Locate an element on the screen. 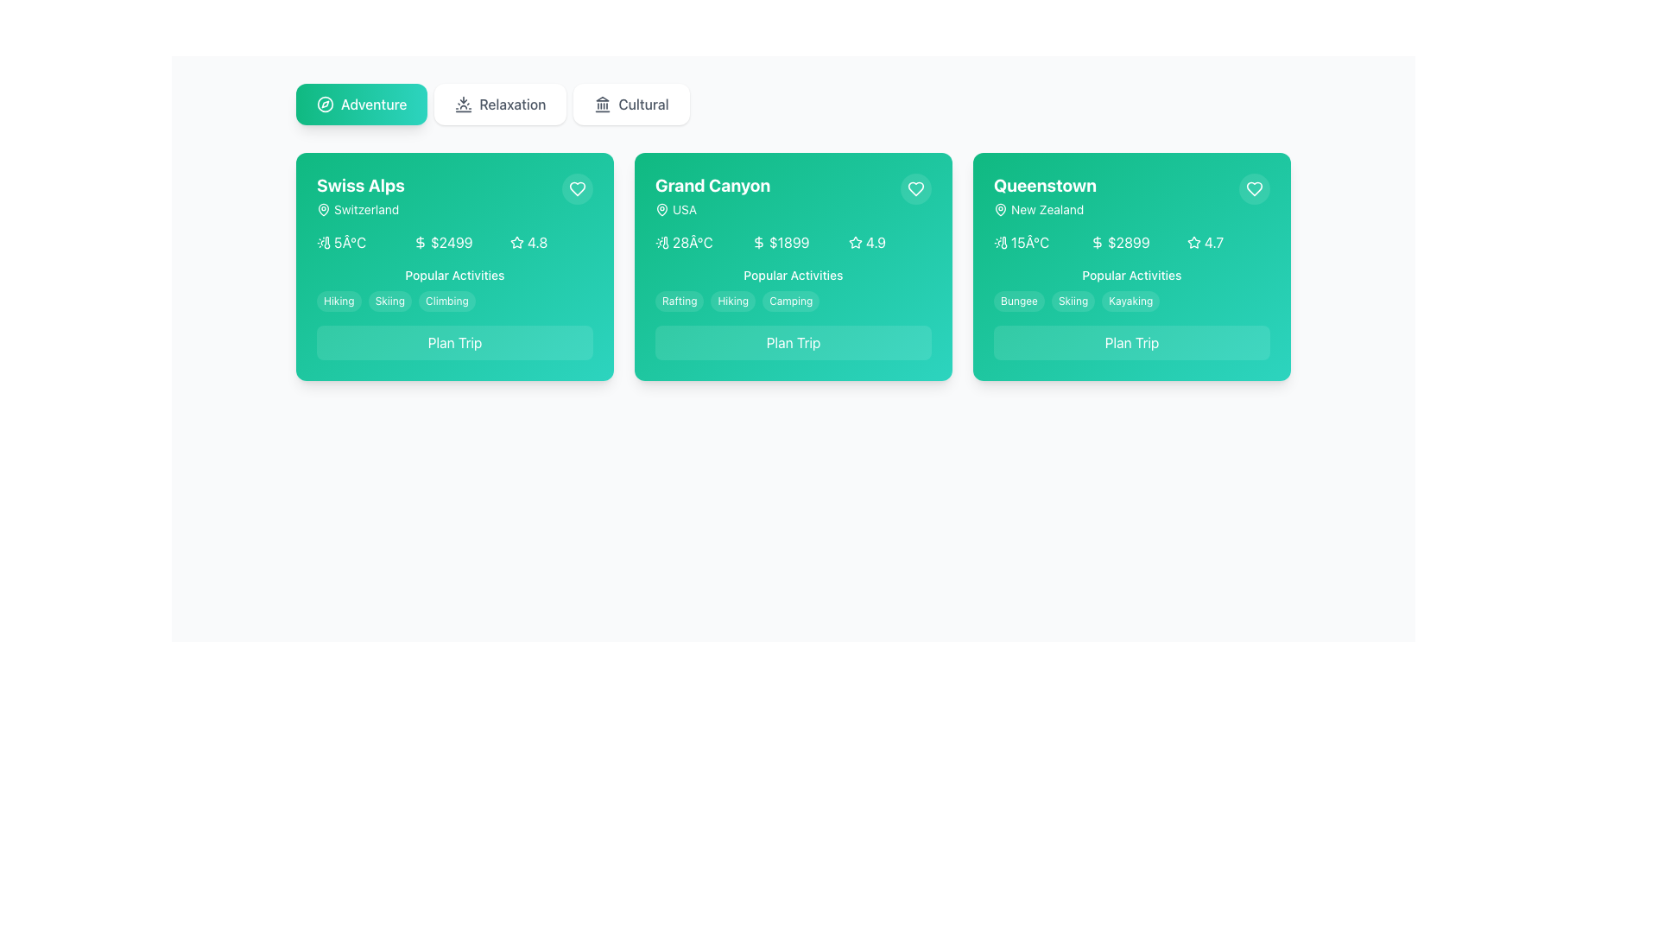 This screenshot has width=1658, height=933. pricing information displayed in the first card from the left, which shows a monetary value of $2499, located centrally under the temperature indicator is located at coordinates (455, 243).